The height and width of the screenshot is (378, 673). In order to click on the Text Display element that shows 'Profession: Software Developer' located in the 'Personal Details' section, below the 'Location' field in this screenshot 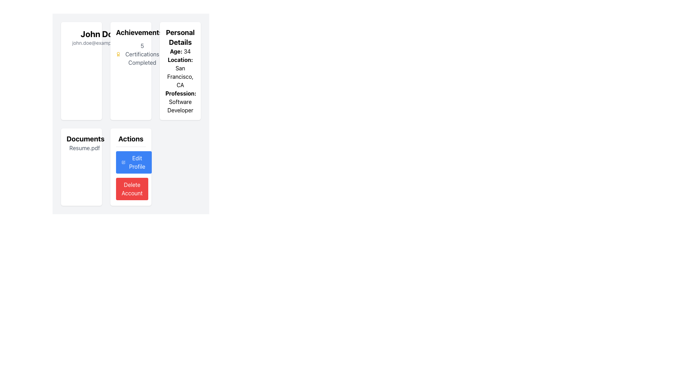, I will do `click(180, 101)`.